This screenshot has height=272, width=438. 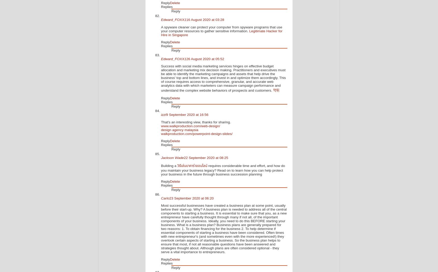 I want to click on 'A spyware cleaner can protect your computer from spyware programs that use your computer resources to gather sensitive information.', so click(x=221, y=29).